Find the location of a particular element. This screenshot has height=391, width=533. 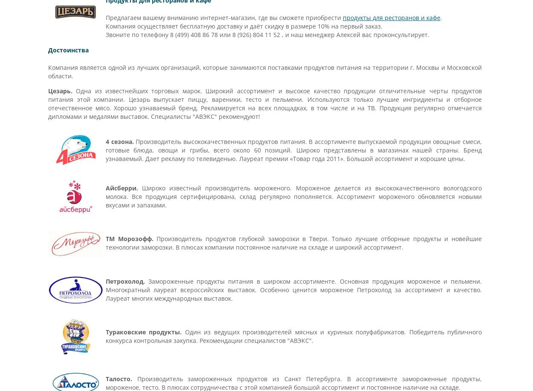

'ТМ Морозофф.' is located at coordinates (105, 238).